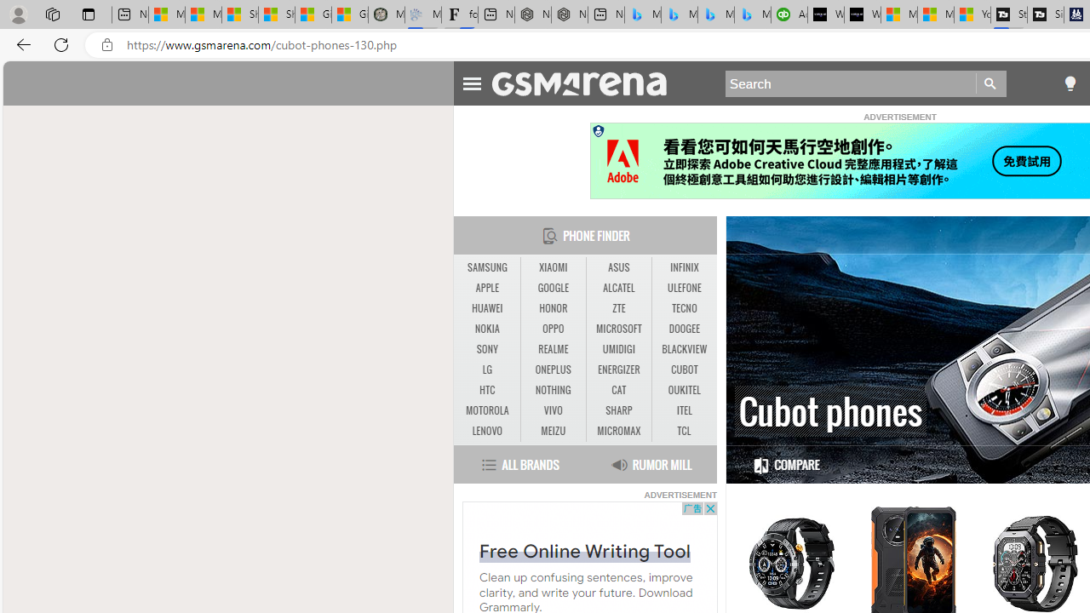 This screenshot has height=613, width=1090. What do you see at coordinates (554, 288) in the screenshot?
I see `'GOOGLE'` at bounding box center [554, 288].